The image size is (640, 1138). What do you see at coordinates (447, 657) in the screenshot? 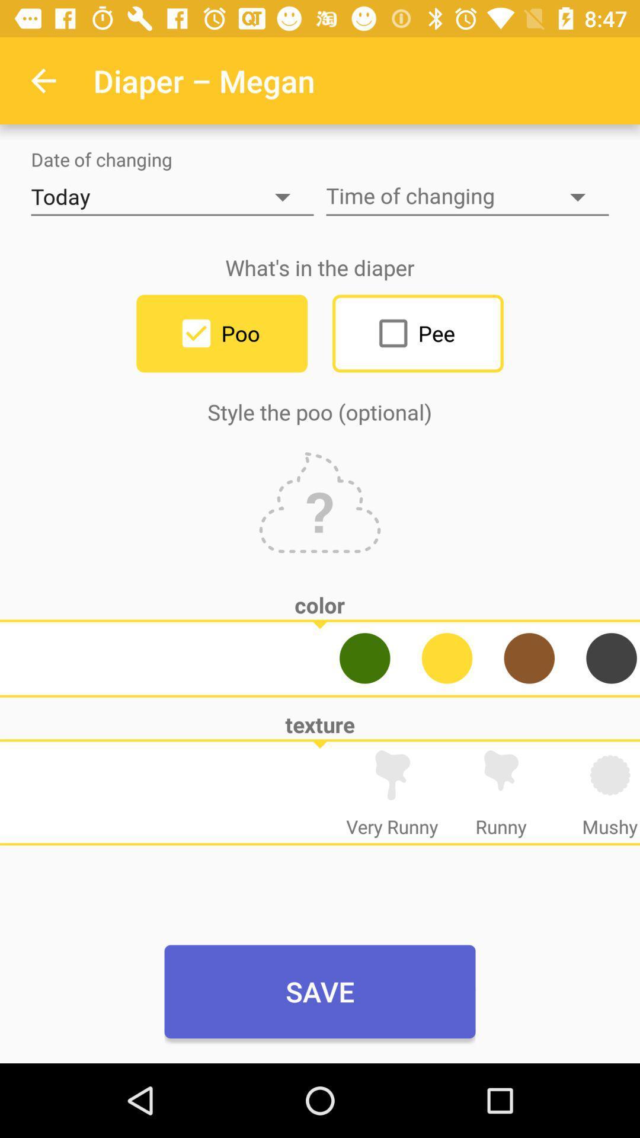
I see `change the color` at bounding box center [447, 657].